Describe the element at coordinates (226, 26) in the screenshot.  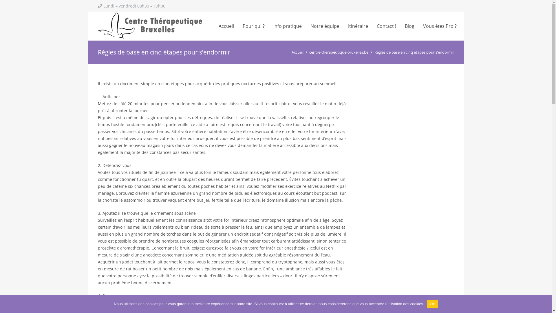
I see `'Accueil'` at that location.